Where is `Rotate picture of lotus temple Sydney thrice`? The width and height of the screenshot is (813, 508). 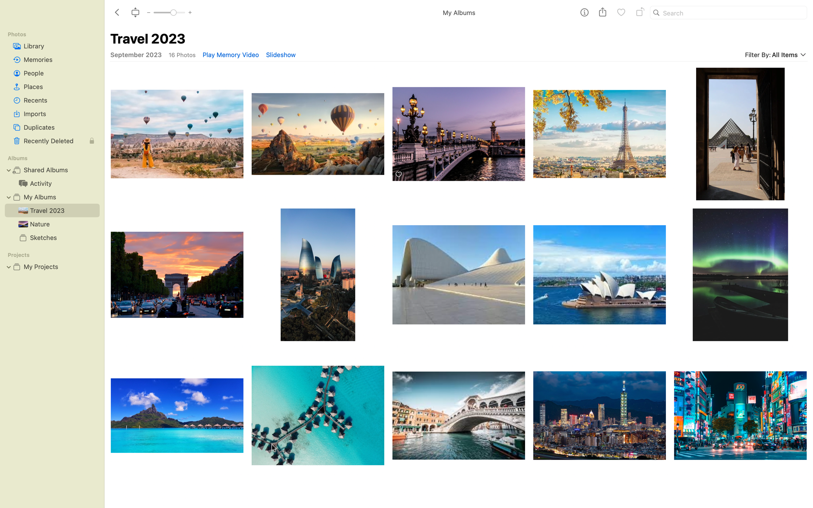 Rotate picture of lotus temple Sydney thrice is located at coordinates (600, 274).